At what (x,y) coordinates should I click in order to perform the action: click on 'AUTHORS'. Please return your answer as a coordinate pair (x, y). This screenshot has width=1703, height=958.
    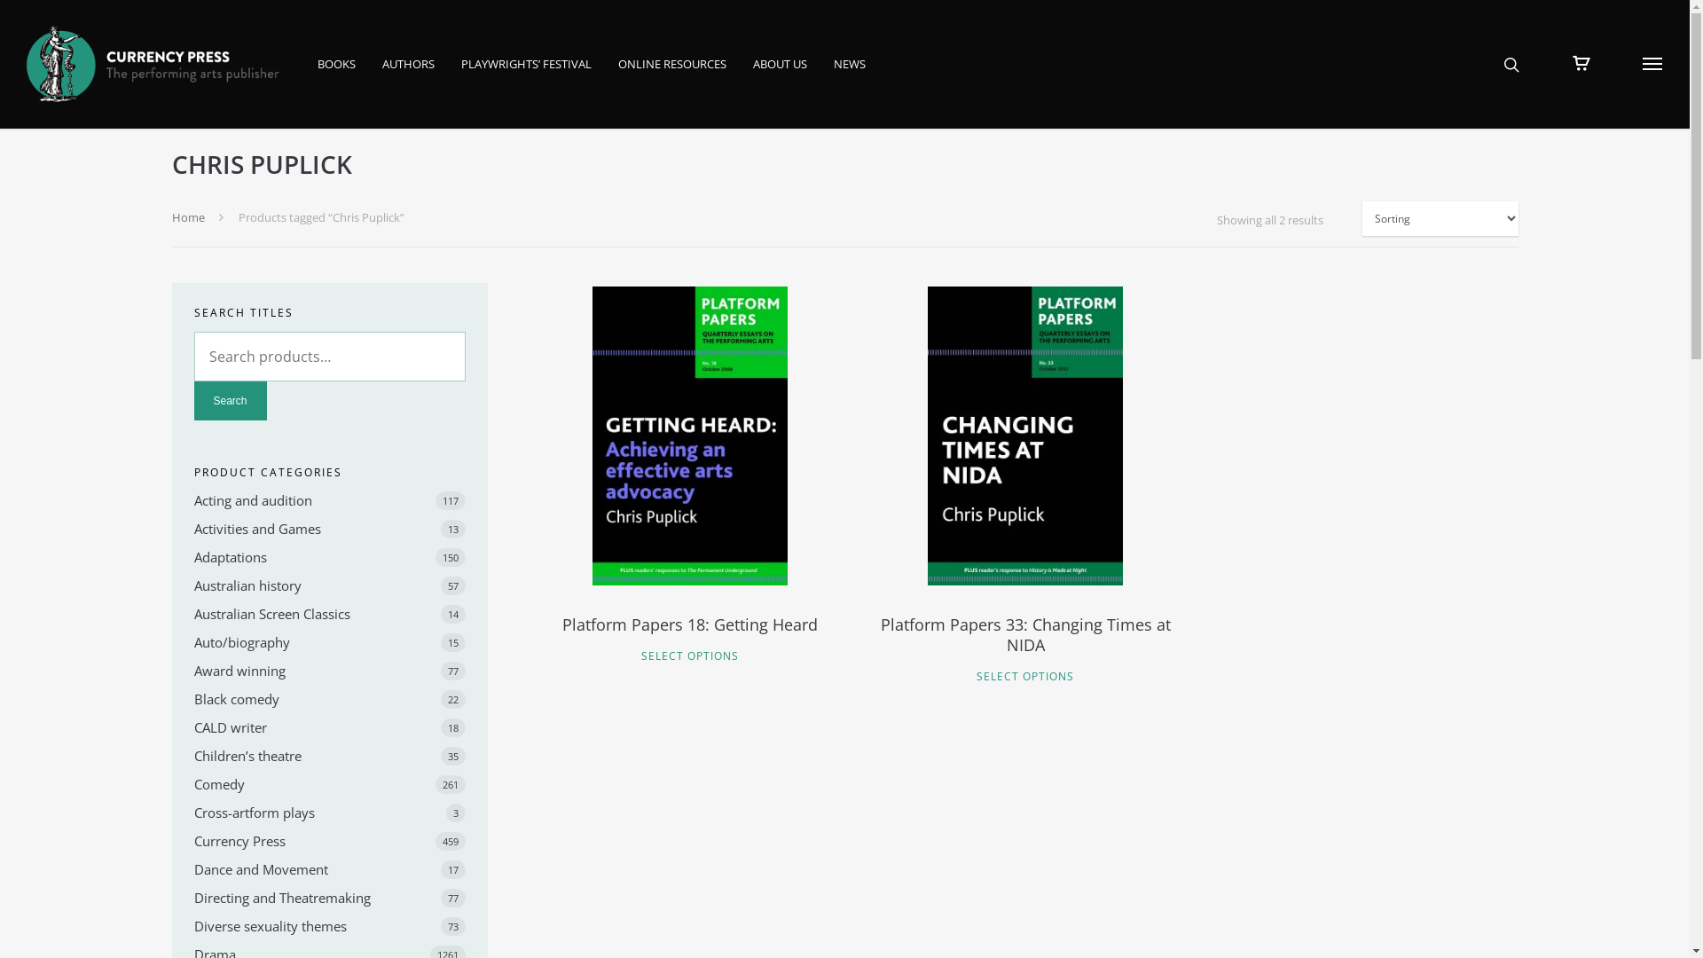
    Looking at the image, I should click on (381, 75).